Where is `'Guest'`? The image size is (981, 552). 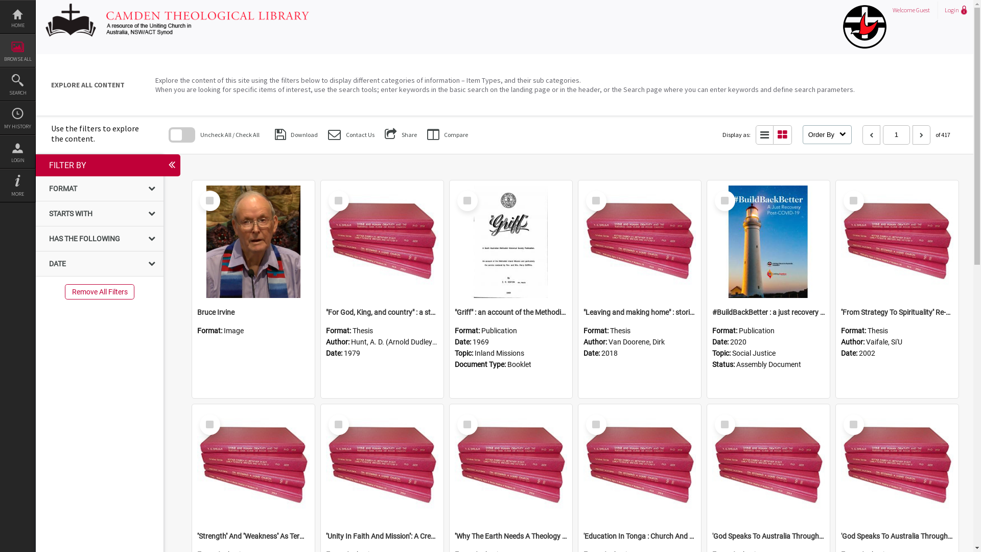
'Guest' is located at coordinates (923, 10).